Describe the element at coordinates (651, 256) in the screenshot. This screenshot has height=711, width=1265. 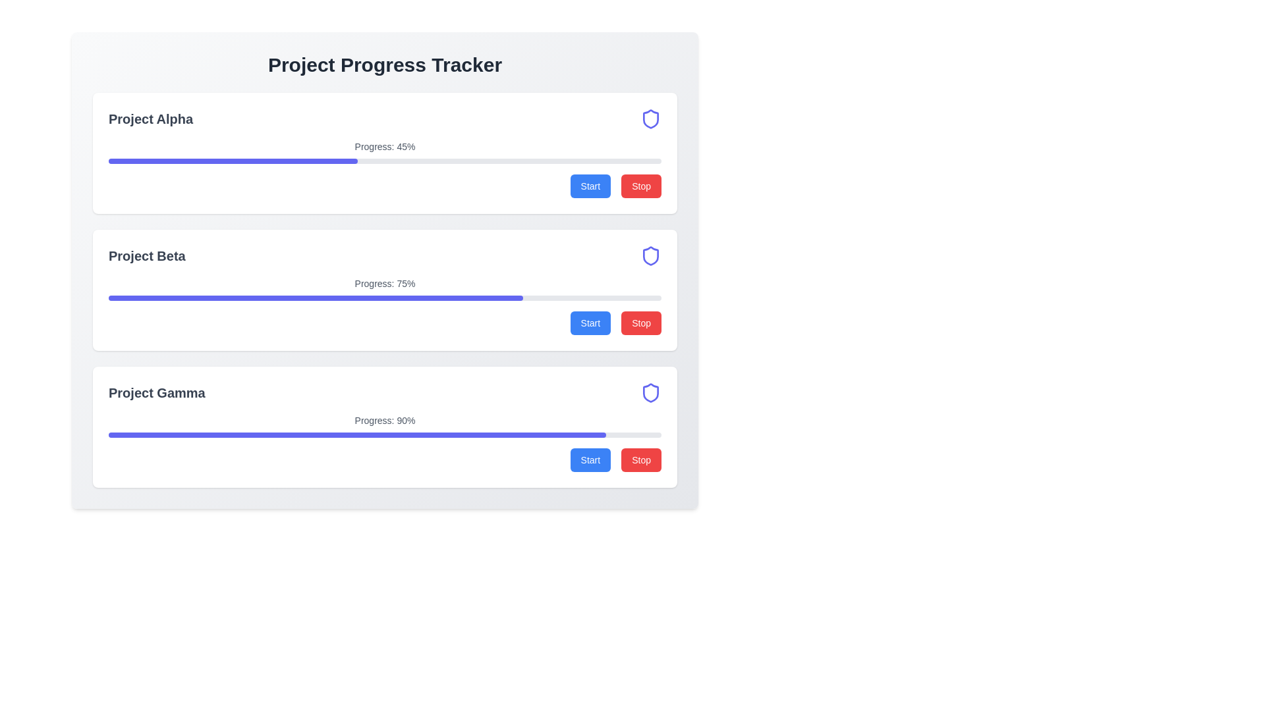
I see `the shield icon located at the top-right of the 'Project Beta' section, which indicates status or security level` at that location.